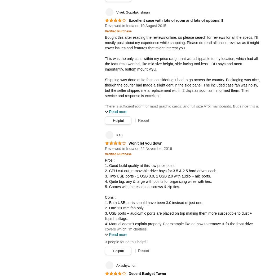  I want to click on '3. USB ports + audio/mic ports are placed on top making them more susceptible to dust + liquid spillage.', so click(105, 215).